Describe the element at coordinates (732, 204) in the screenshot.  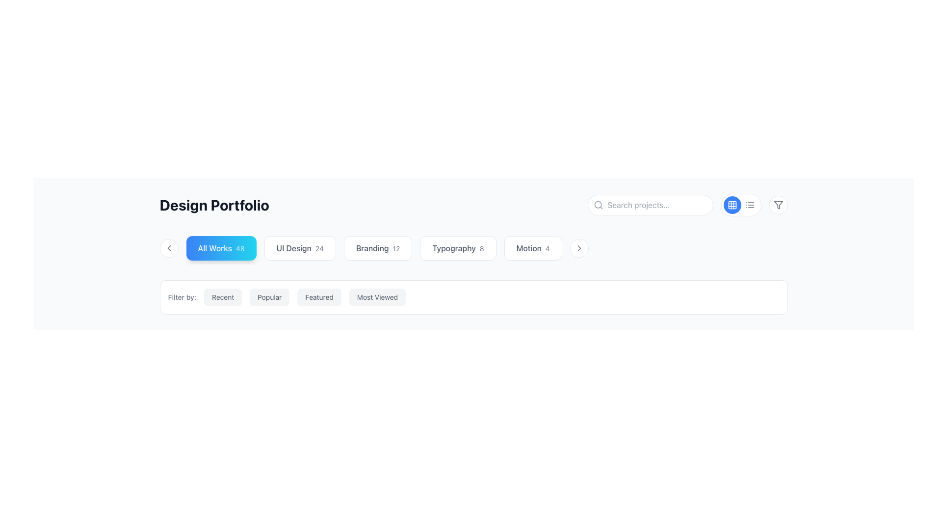
I see `the small rectangular blue icon with rounded corners located in the top-right corner of the interface, which represents the central cell of a 3x3 grid layout` at that location.